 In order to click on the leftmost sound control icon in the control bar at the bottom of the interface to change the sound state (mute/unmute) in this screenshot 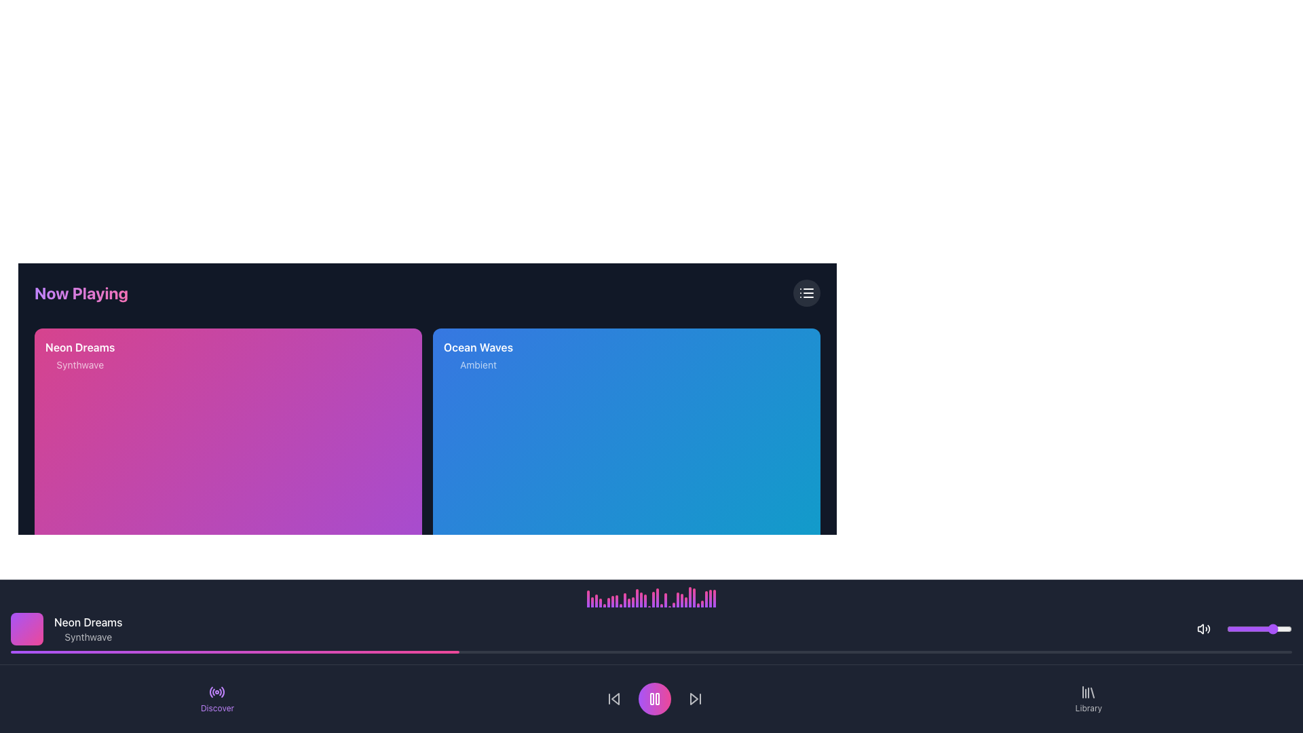, I will do `click(1204, 628)`.